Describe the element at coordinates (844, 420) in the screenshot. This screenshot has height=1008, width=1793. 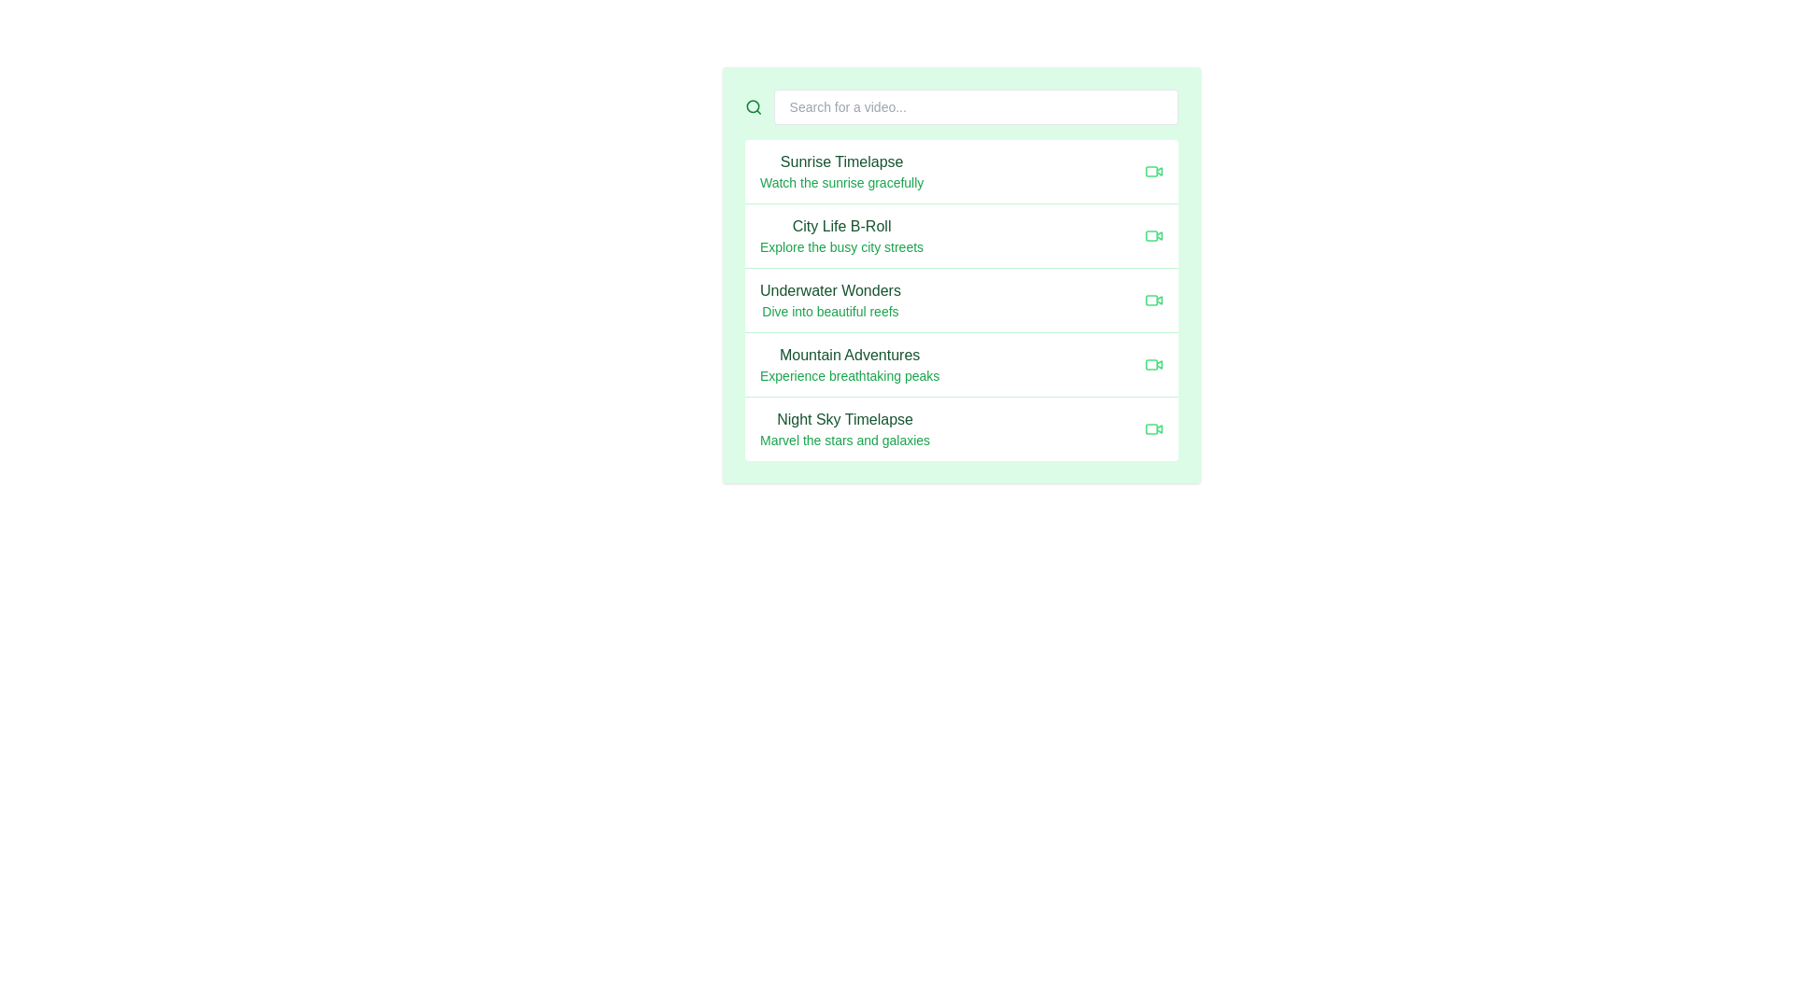
I see `the 'Night Sky Timelapse' label` at that location.